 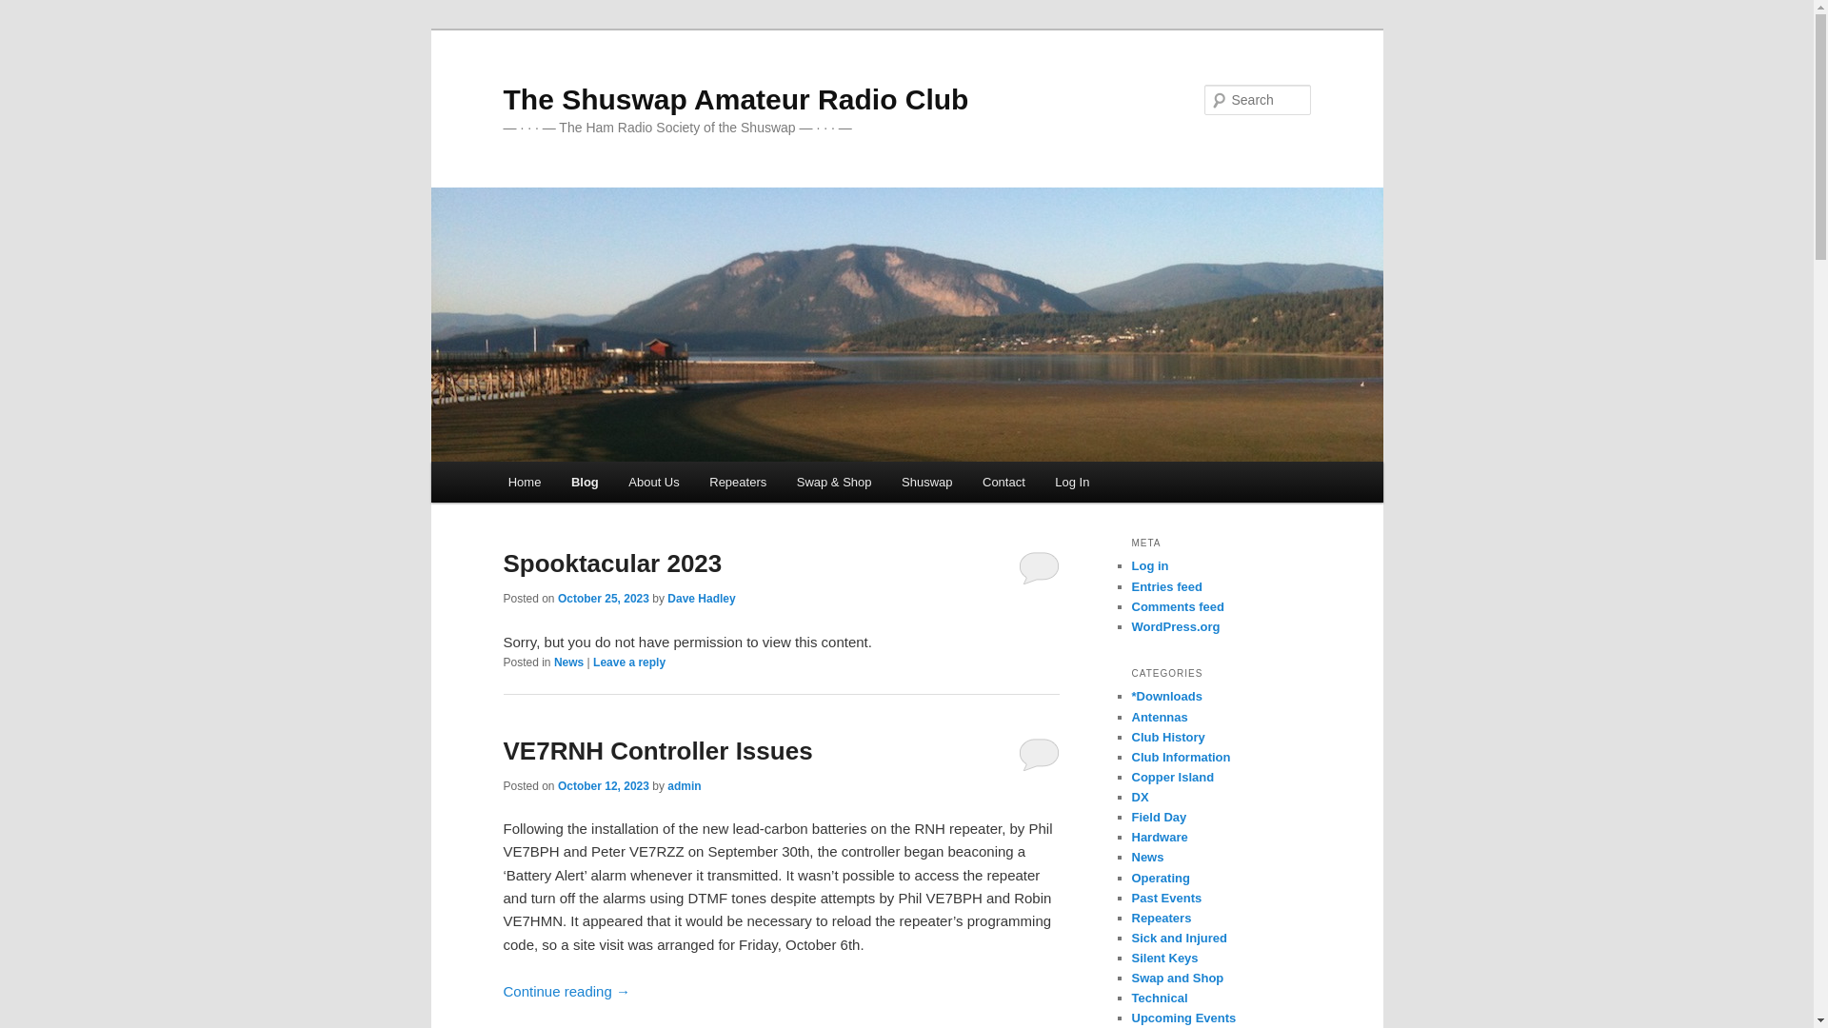 What do you see at coordinates (1164, 585) in the screenshot?
I see `'Entries feed'` at bounding box center [1164, 585].